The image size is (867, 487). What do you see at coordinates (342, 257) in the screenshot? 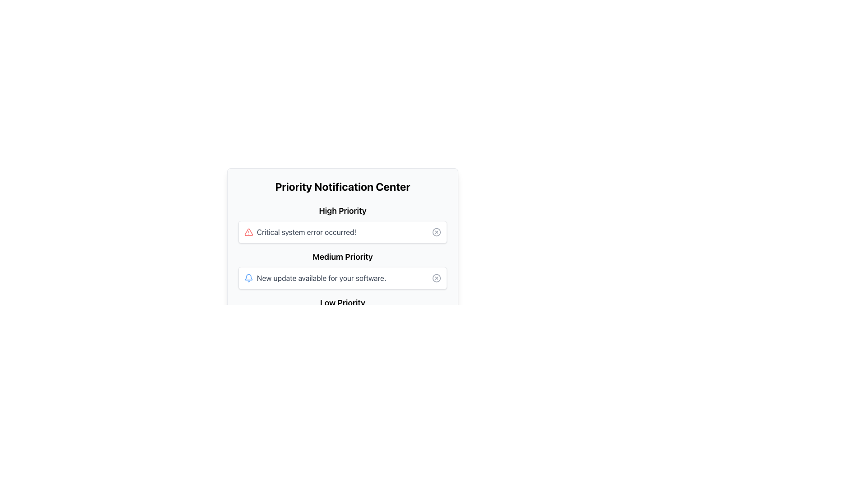
I see `the 'Medium Priority' text label which is bold, capitalized, and located in the middle priority section of the notification center` at bounding box center [342, 257].